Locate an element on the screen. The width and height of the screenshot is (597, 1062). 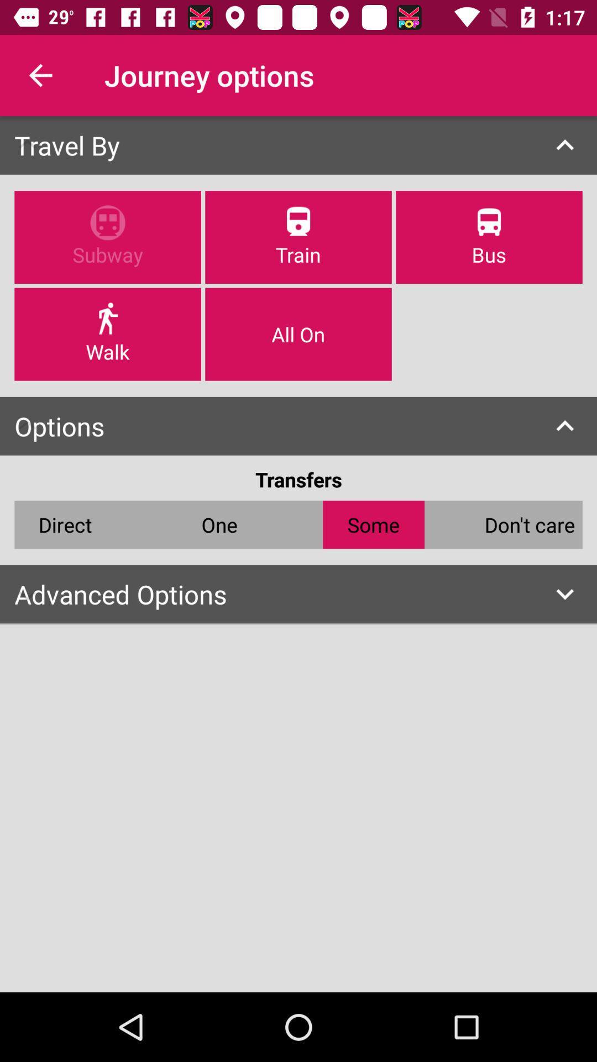
icon below transfers icon is located at coordinates (529, 524).